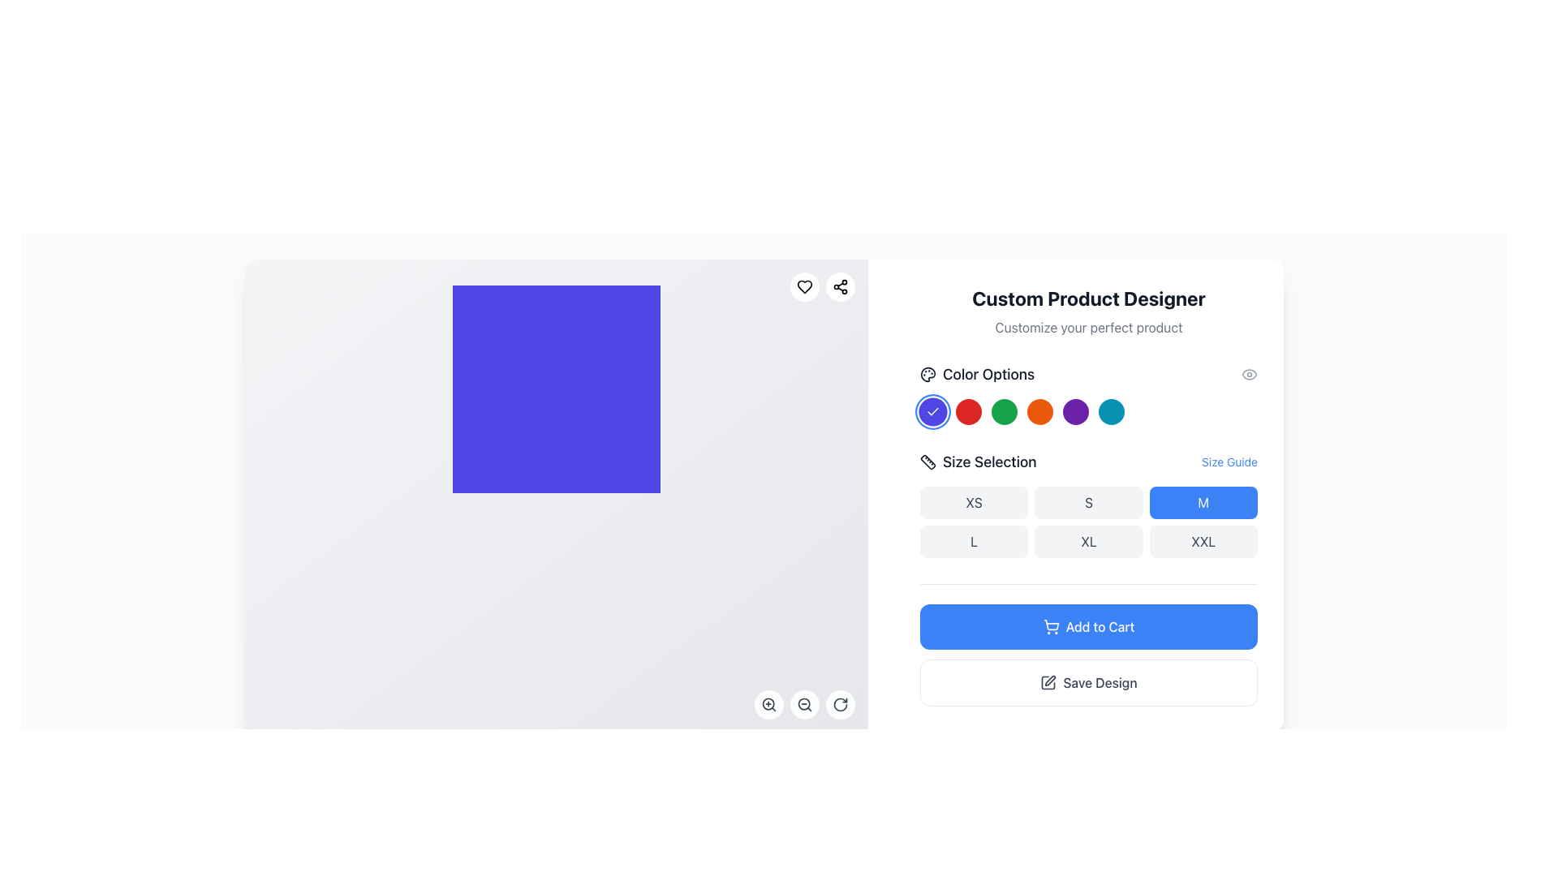  I want to click on the 'S' size selection button located in the 'Size Selection' section of the interface, so click(1089, 502).